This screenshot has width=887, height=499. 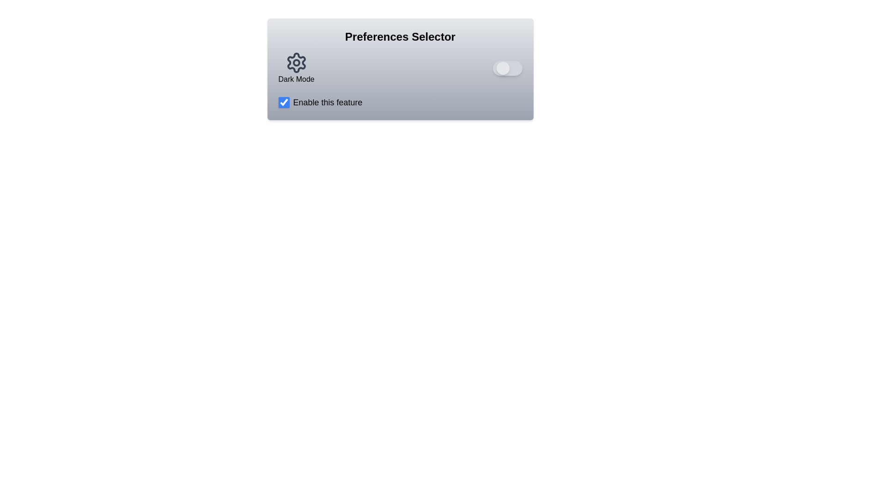 What do you see at coordinates (507, 67) in the screenshot?
I see `the Dark Mode switch to toggle its state` at bounding box center [507, 67].